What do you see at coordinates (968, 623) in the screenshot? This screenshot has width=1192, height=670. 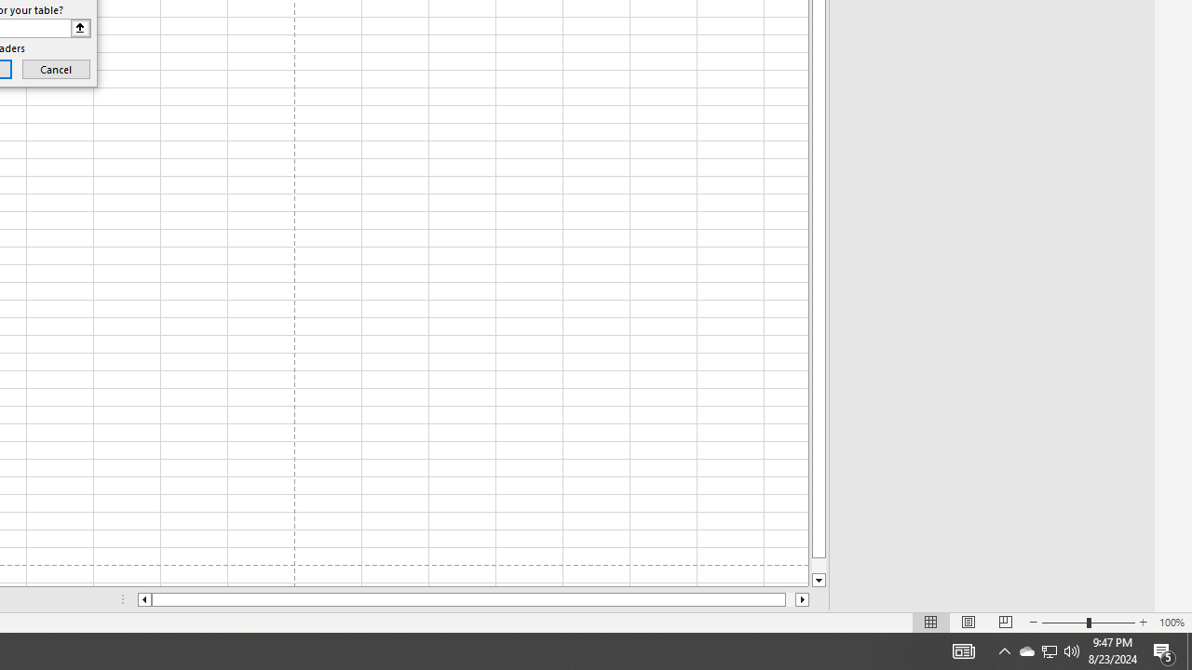 I see `'Page Layout'` at bounding box center [968, 623].